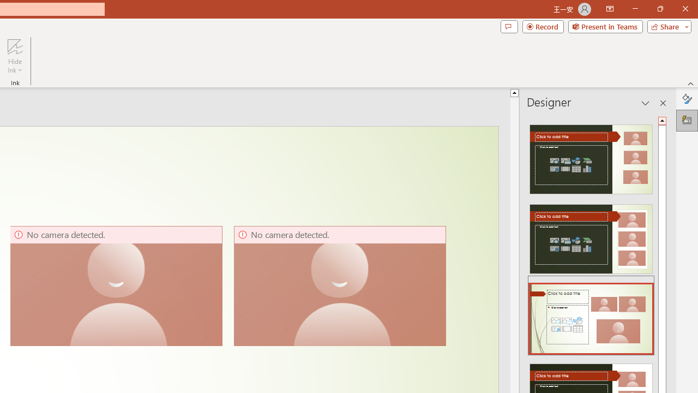 The height and width of the screenshot is (393, 698). Describe the element at coordinates (663, 103) in the screenshot. I see `'Close pane'` at that location.